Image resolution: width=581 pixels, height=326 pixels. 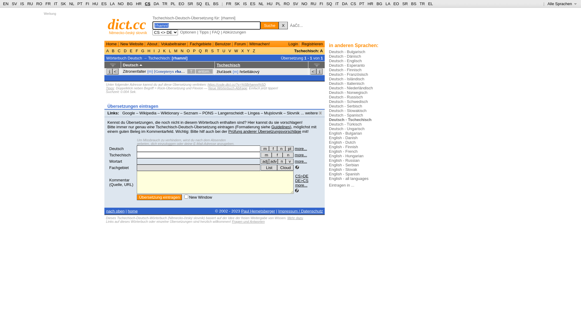 What do you see at coordinates (188, 32) in the screenshot?
I see `'Optionen'` at bounding box center [188, 32].